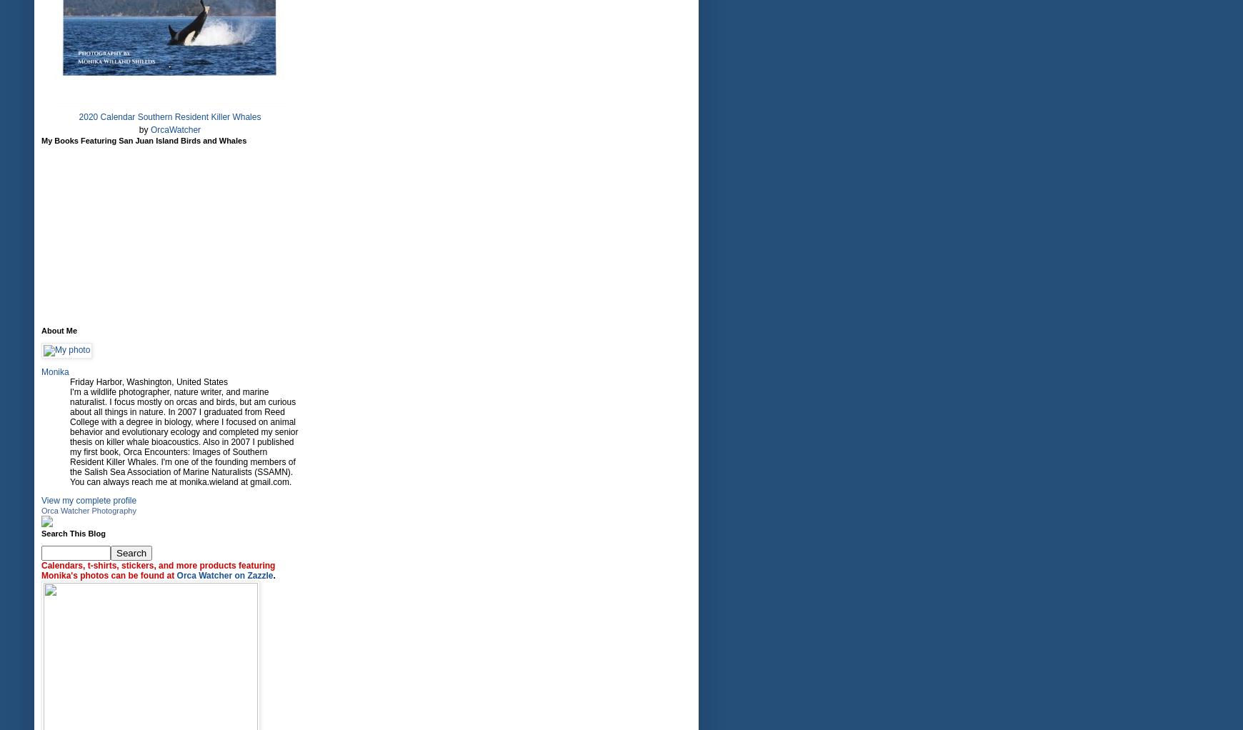 The height and width of the screenshot is (730, 1243). Describe the element at coordinates (144, 129) in the screenshot. I see `'by'` at that location.